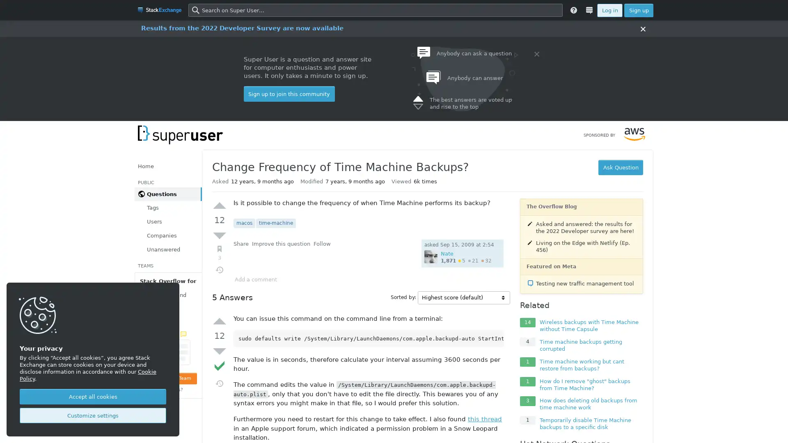  Describe the element at coordinates (219, 252) in the screenshot. I see `Bookmark (3)` at that location.